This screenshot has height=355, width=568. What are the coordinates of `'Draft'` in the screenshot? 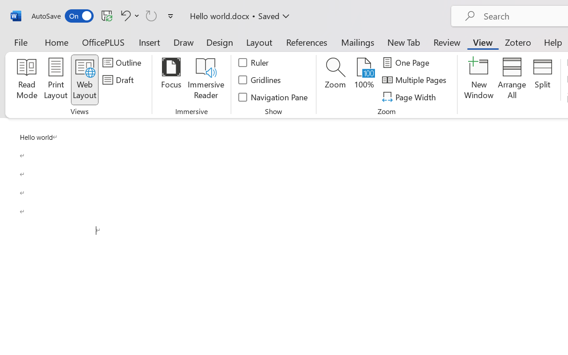 It's located at (119, 79).